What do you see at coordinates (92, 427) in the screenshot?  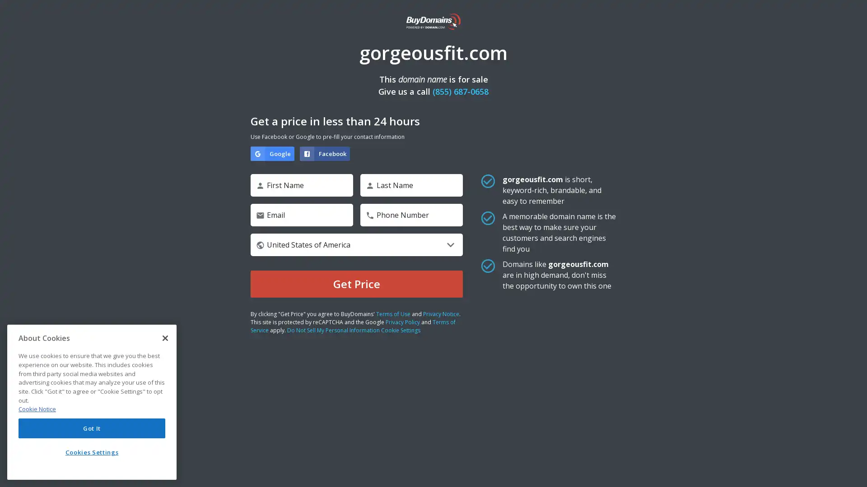 I see `Got It` at bounding box center [92, 427].